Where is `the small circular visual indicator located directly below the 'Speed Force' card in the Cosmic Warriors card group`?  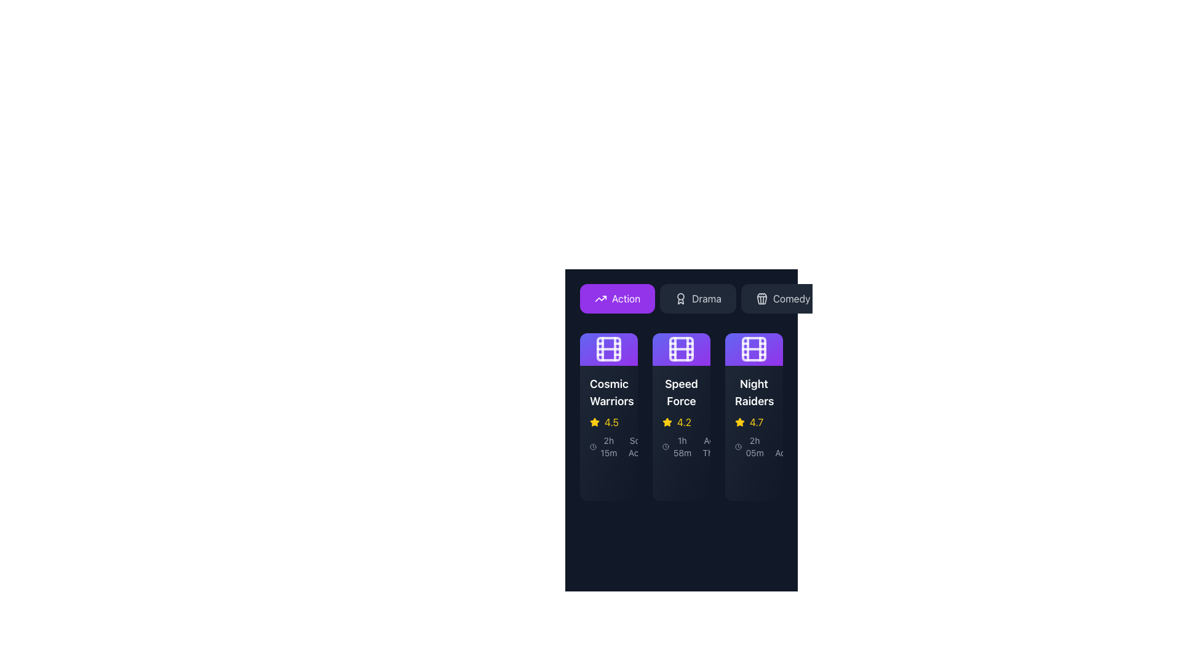
the small circular visual indicator located directly below the 'Speed Force' card in the Cosmic Warriors card group is located at coordinates (667, 478).